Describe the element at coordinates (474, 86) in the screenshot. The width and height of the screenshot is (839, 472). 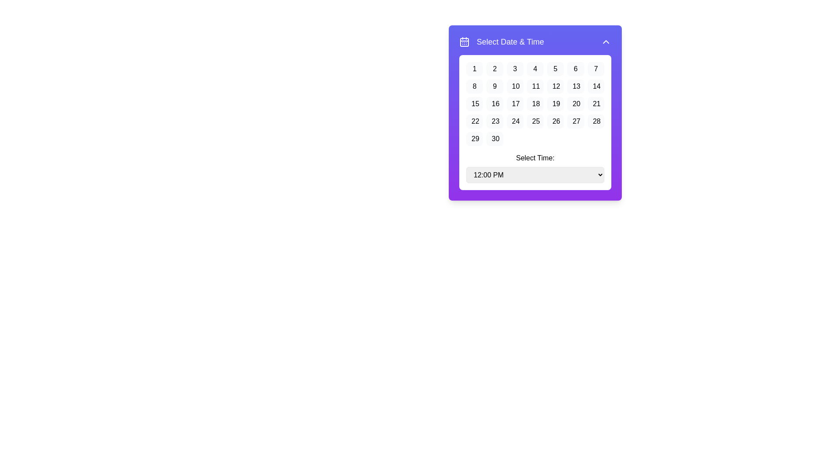
I see `the button representing the 8th day of the month in the calendar view` at that location.